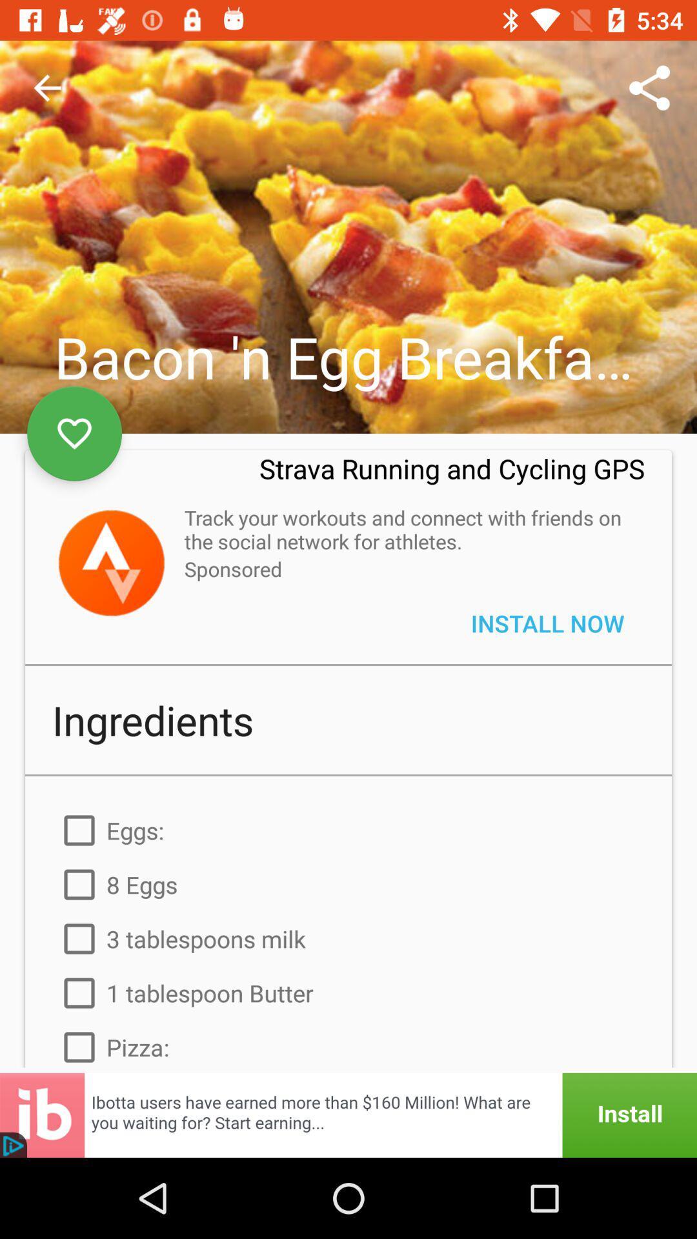  Describe the element at coordinates (348, 830) in the screenshot. I see `the eggs:  item` at that location.